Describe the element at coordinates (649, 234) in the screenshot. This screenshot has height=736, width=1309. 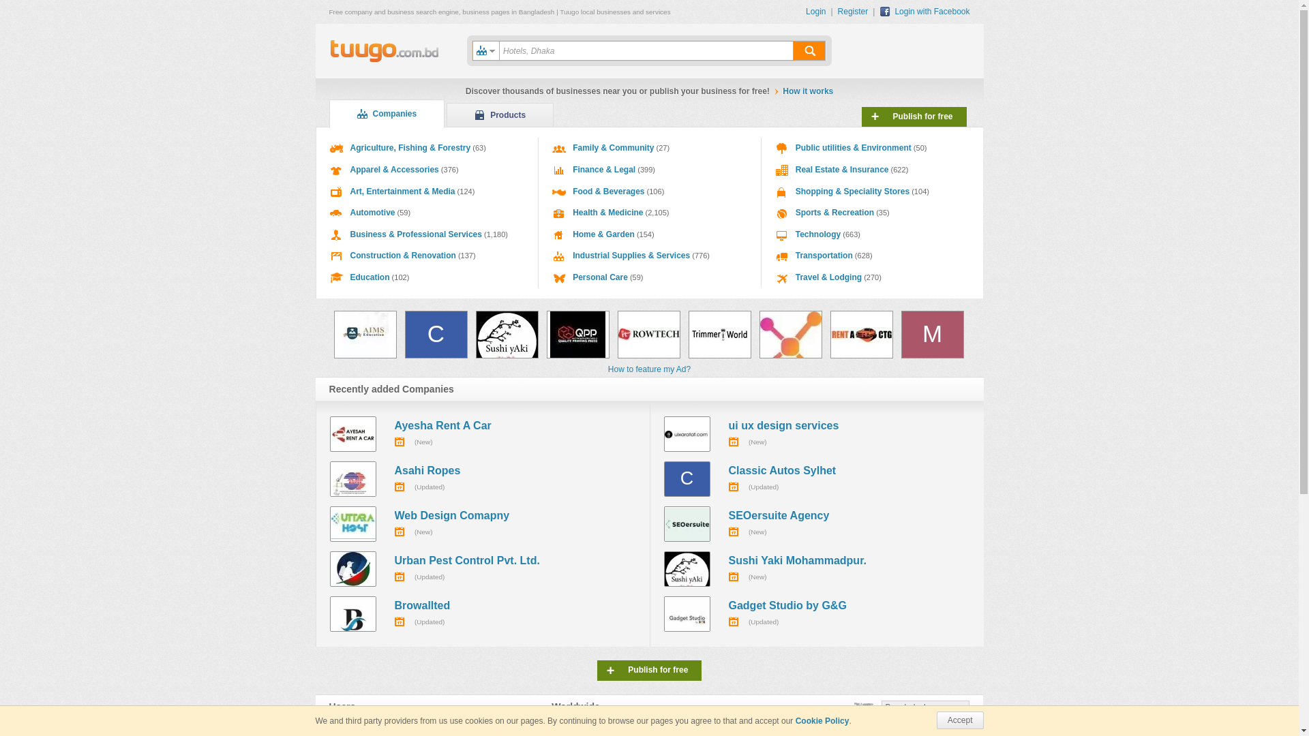
I see `' Home & Garden (154)'` at that location.